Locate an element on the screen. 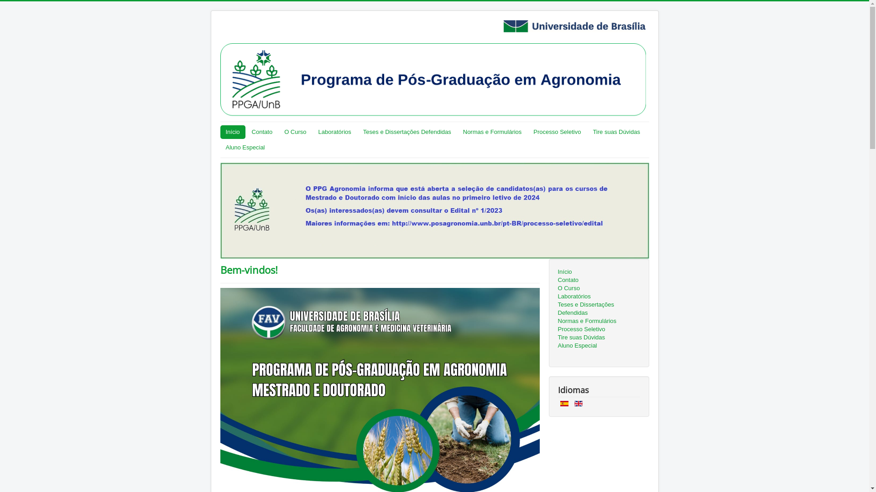 The height and width of the screenshot is (492, 876). 'Processo Seletivo' is located at coordinates (556, 132).